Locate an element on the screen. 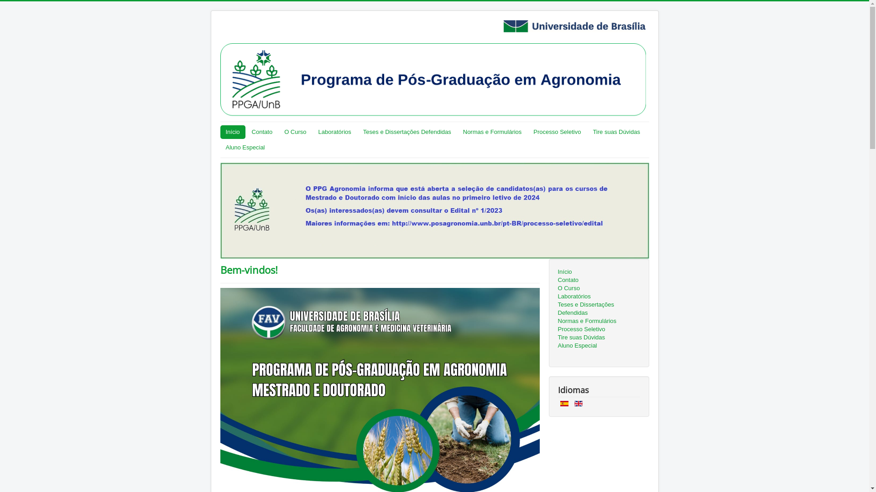 The height and width of the screenshot is (492, 876). 'Processo Seletivo' is located at coordinates (556, 132).